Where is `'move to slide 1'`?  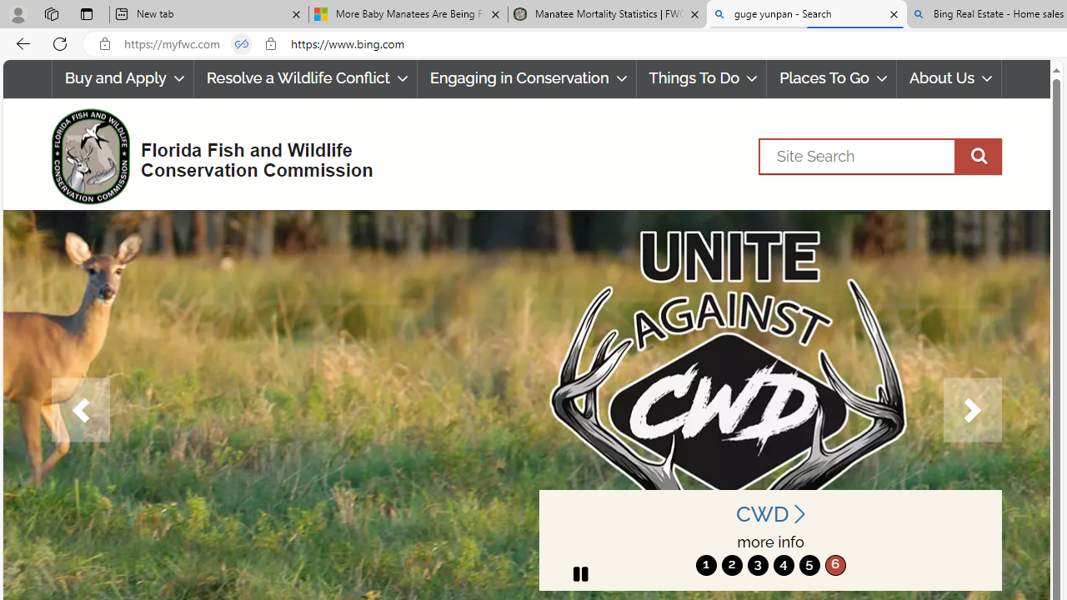
'move to slide 1' is located at coordinates (706, 564).